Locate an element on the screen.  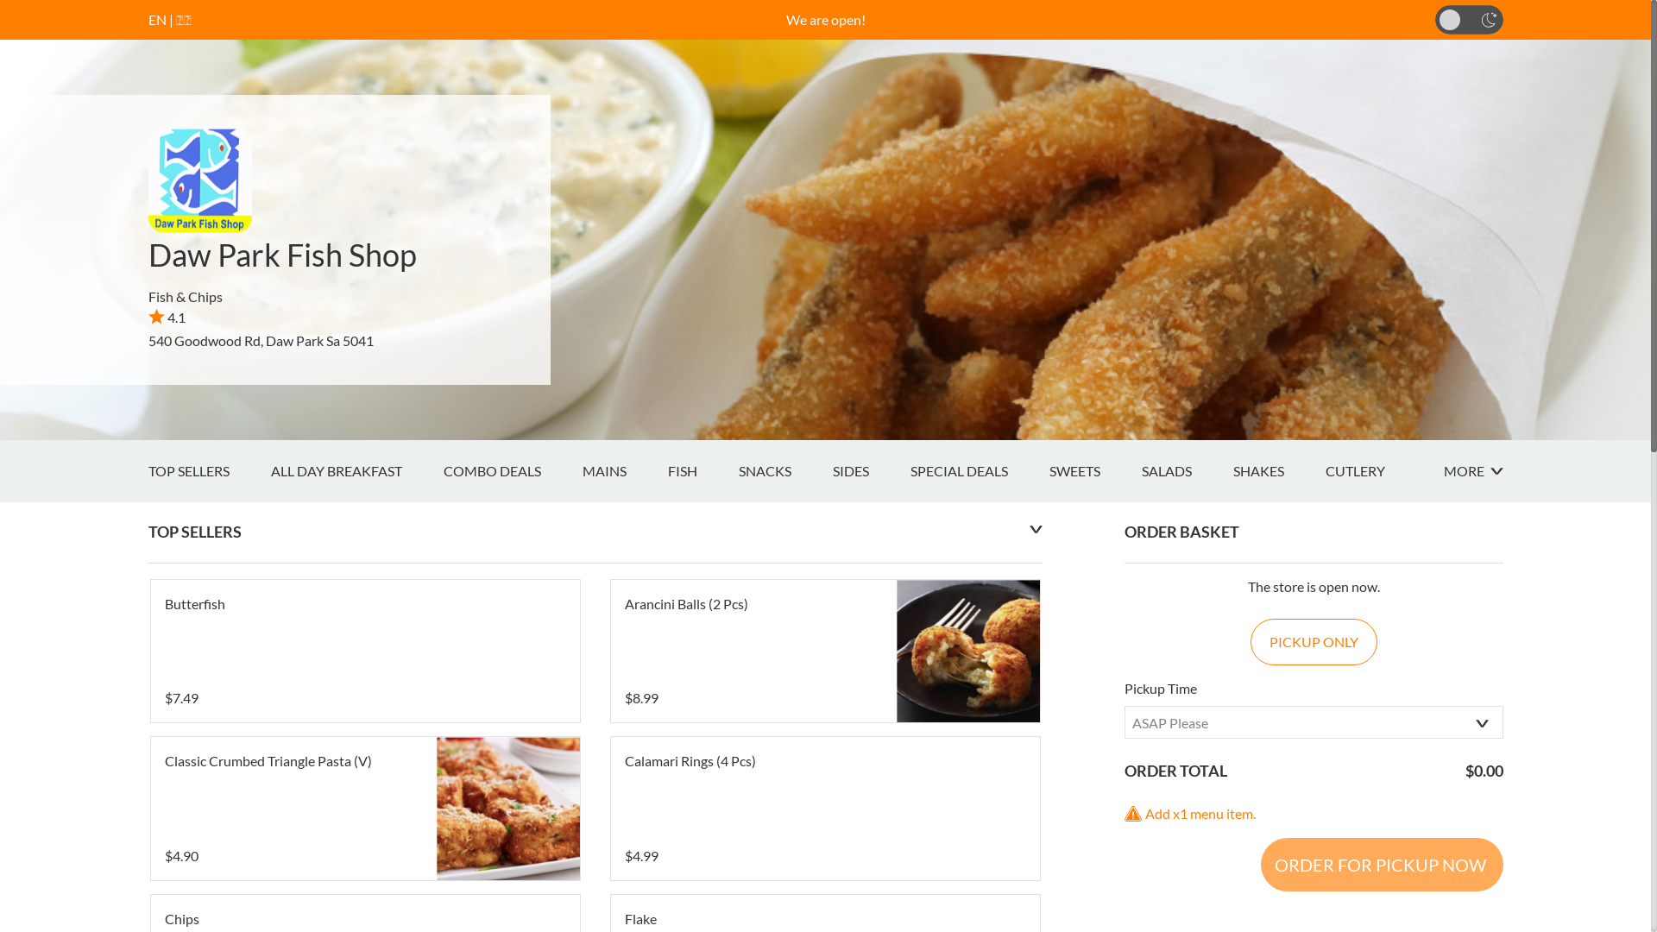
'PICKUP ONLY' is located at coordinates (1313, 642).